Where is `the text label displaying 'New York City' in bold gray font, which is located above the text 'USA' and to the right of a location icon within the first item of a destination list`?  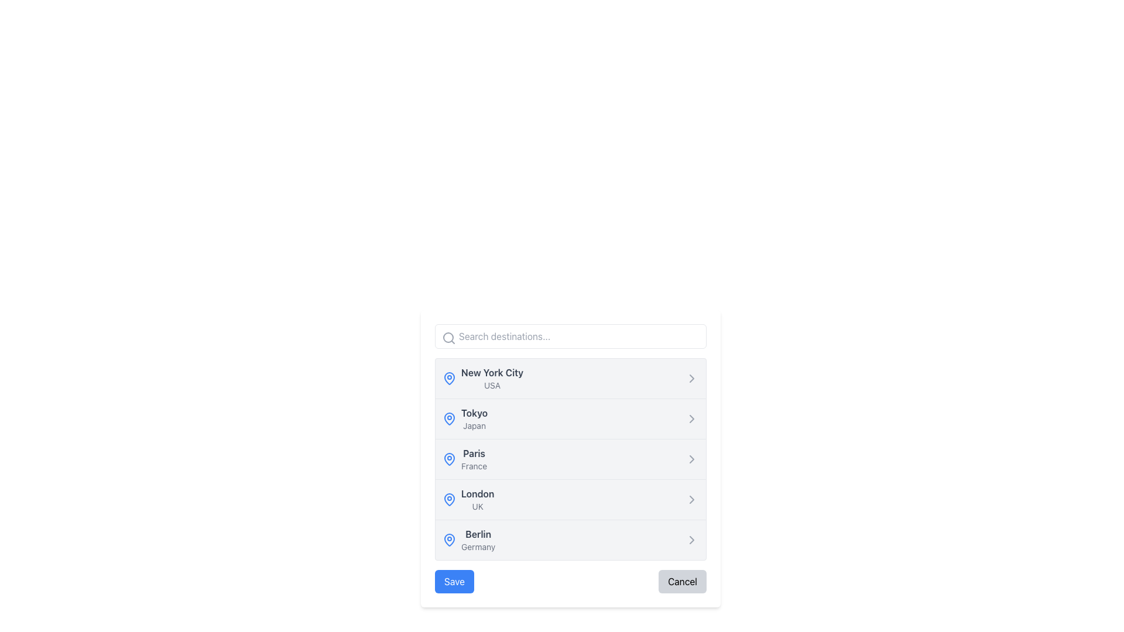
the text label displaying 'New York City' in bold gray font, which is located above the text 'USA' and to the right of a location icon within the first item of a destination list is located at coordinates (492, 372).